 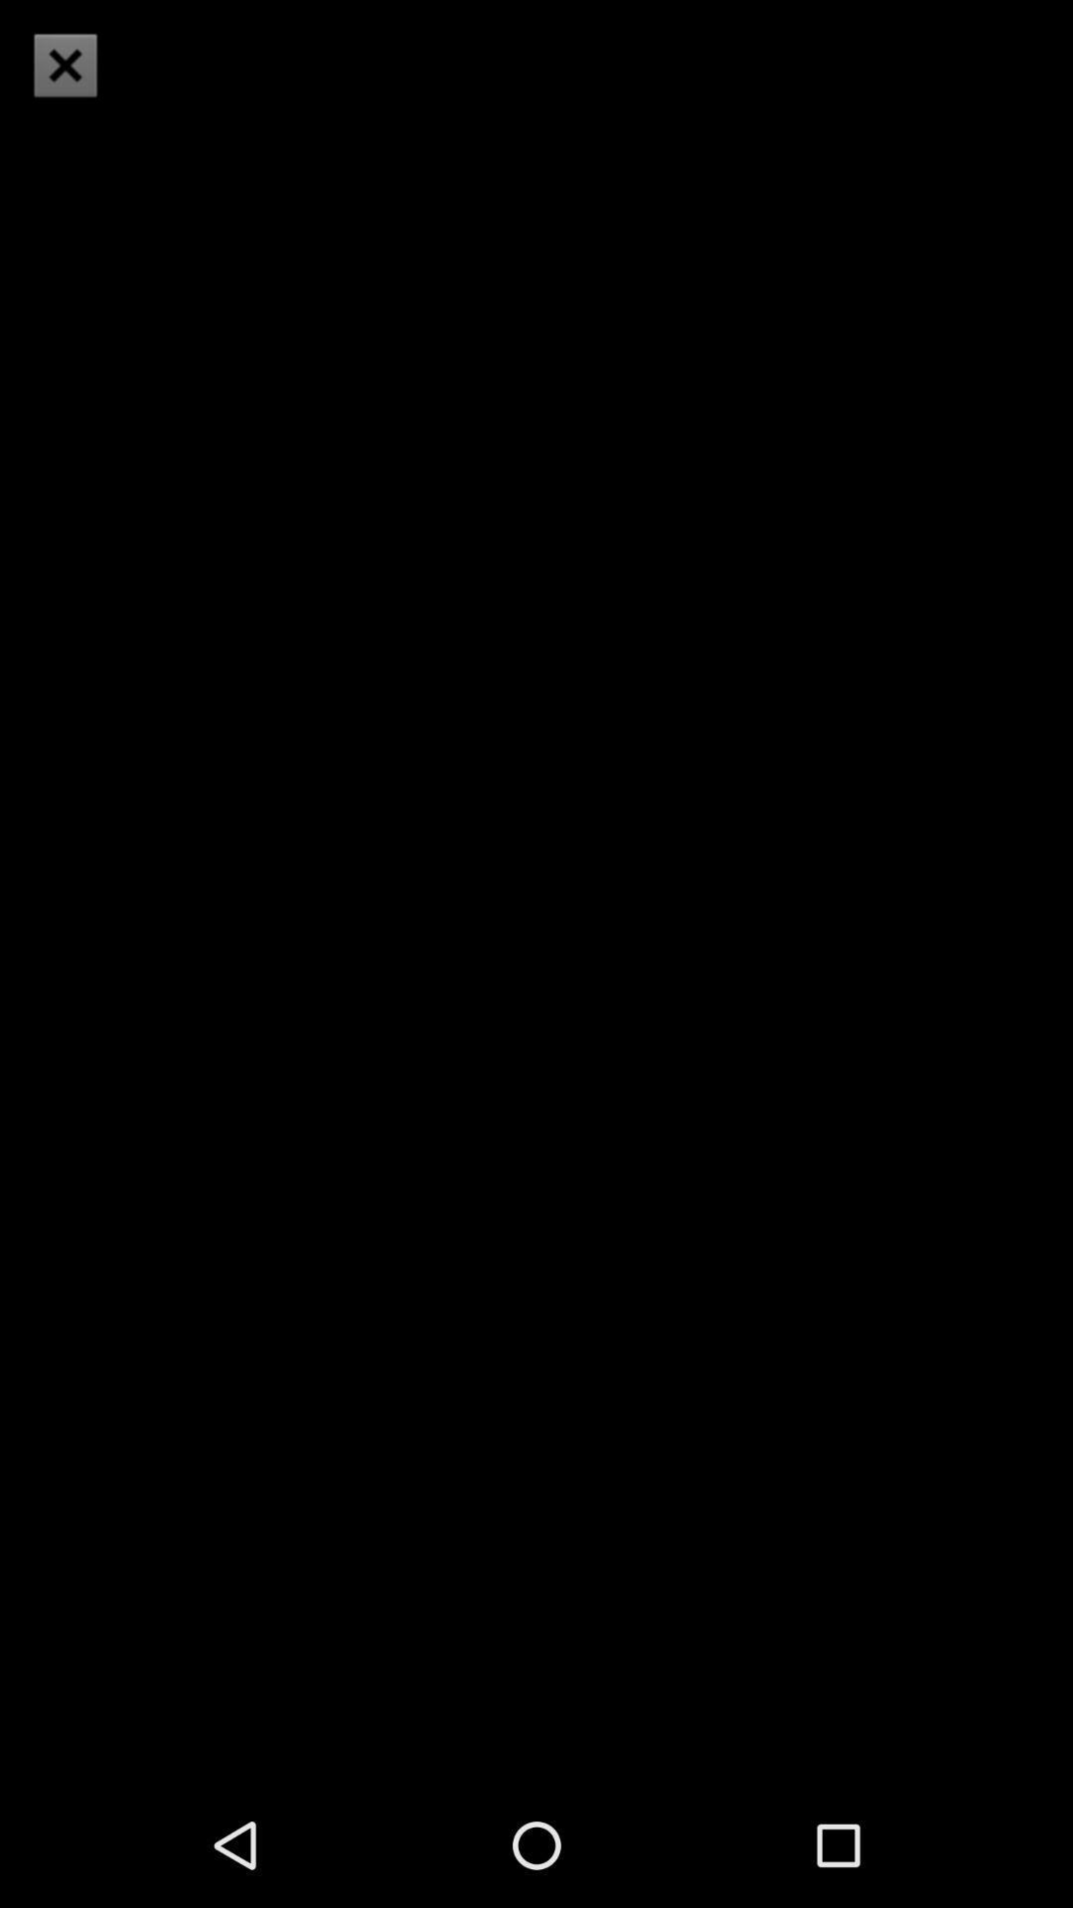 What do you see at coordinates (64, 65) in the screenshot?
I see `icon at the top left corner` at bounding box center [64, 65].